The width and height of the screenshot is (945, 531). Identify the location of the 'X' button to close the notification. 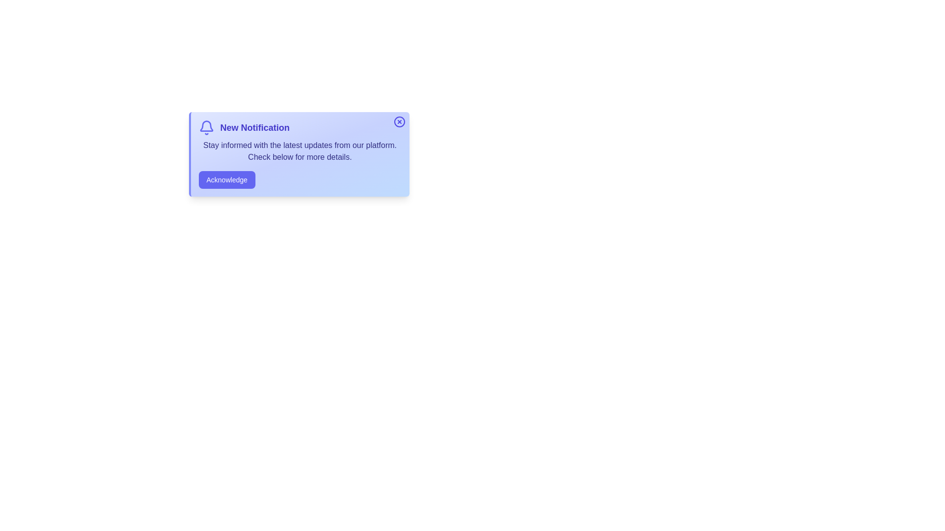
(399, 121).